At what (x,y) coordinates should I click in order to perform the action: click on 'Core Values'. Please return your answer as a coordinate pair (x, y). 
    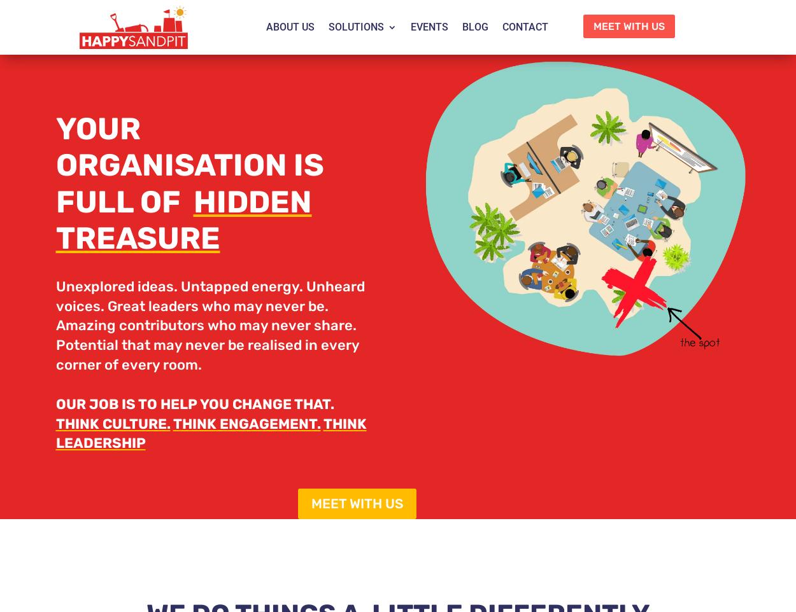
    Looking at the image, I should click on (379, 230).